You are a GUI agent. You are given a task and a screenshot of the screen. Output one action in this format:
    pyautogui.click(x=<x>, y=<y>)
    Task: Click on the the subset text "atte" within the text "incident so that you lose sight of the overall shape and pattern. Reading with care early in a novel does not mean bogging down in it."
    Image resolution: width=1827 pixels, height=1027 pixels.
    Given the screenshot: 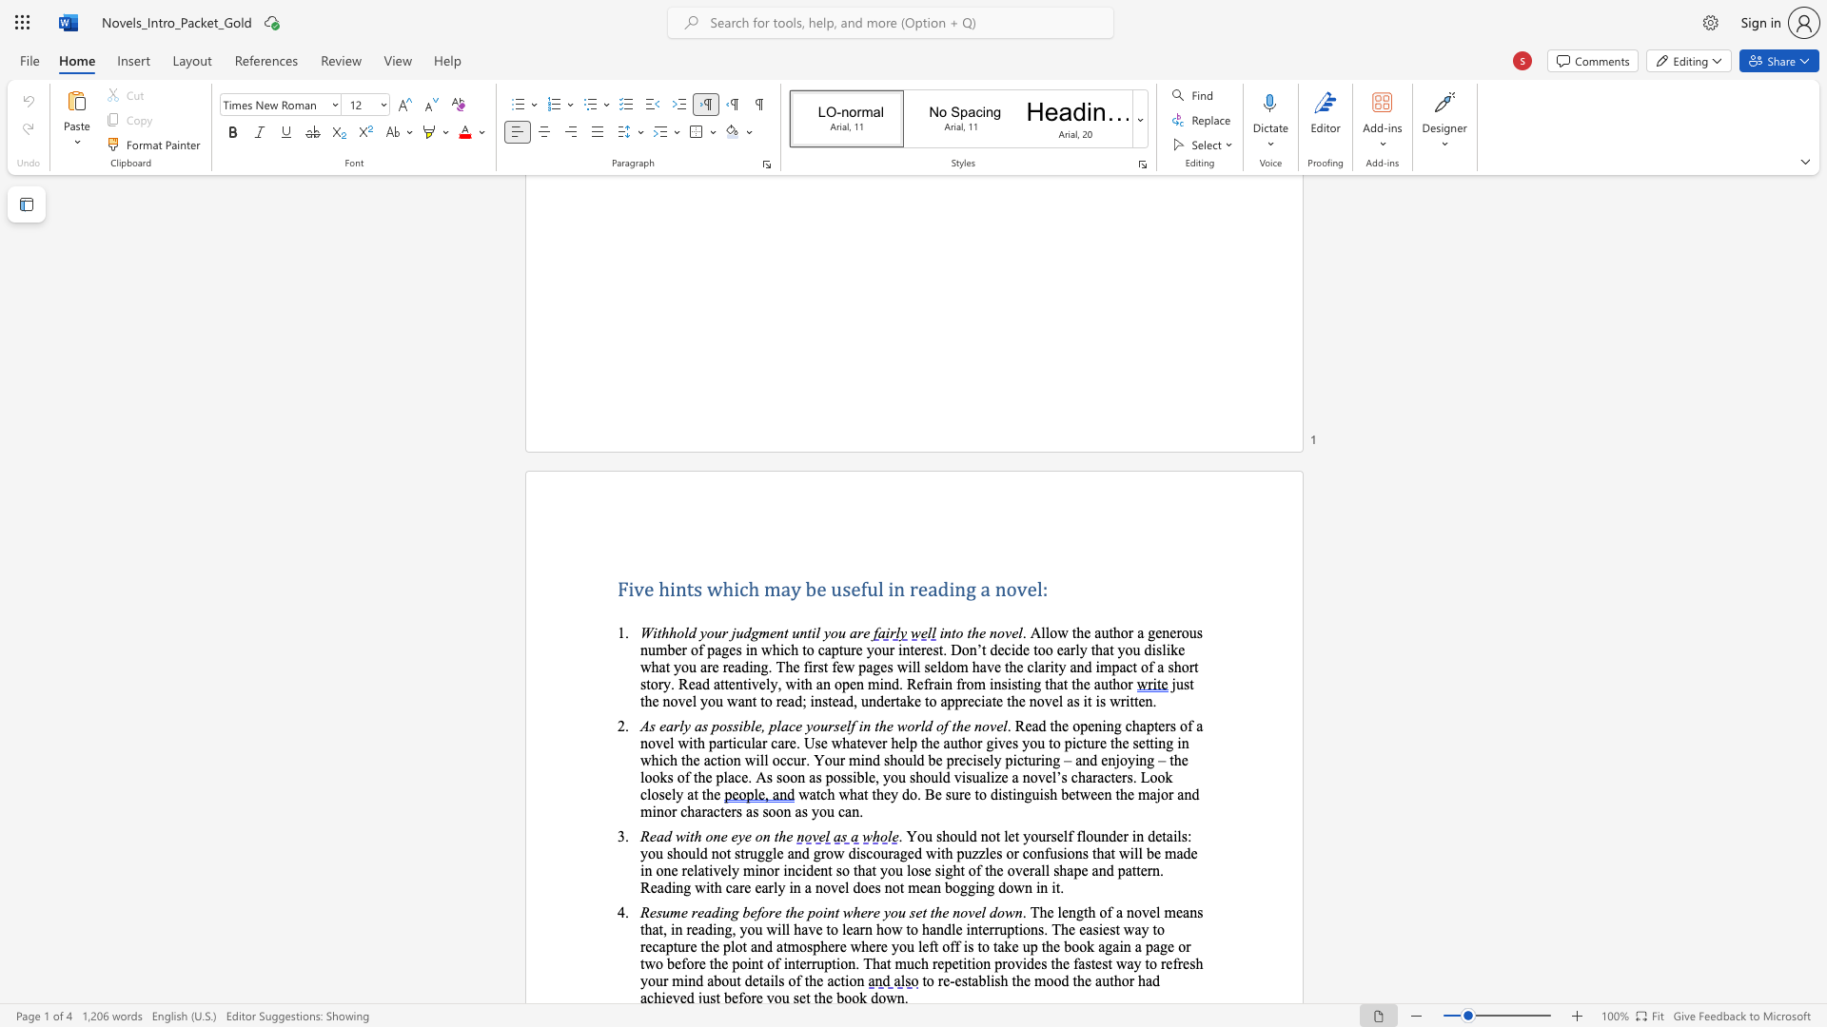 What is the action you would take?
    pyautogui.click(x=1125, y=870)
    